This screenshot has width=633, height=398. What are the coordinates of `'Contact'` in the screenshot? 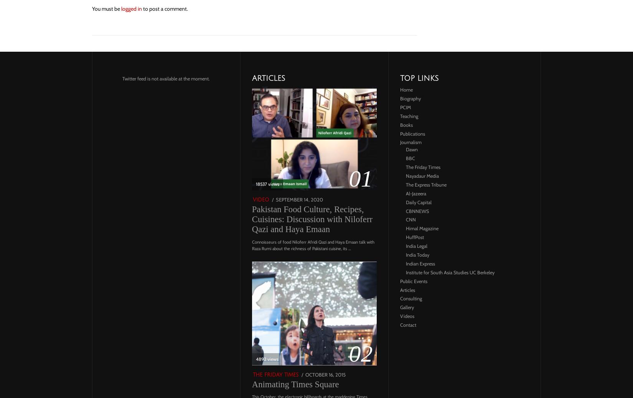 It's located at (407, 324).